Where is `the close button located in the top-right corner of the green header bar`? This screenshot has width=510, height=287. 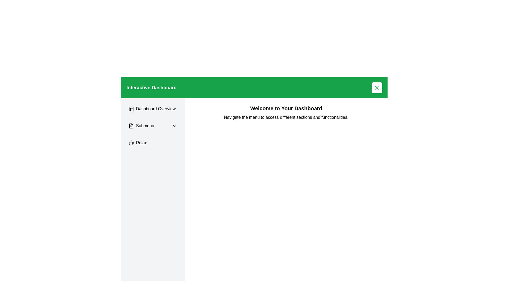
the close button located in the top-right corner of the green header bar is located at coordinates (377, 87).